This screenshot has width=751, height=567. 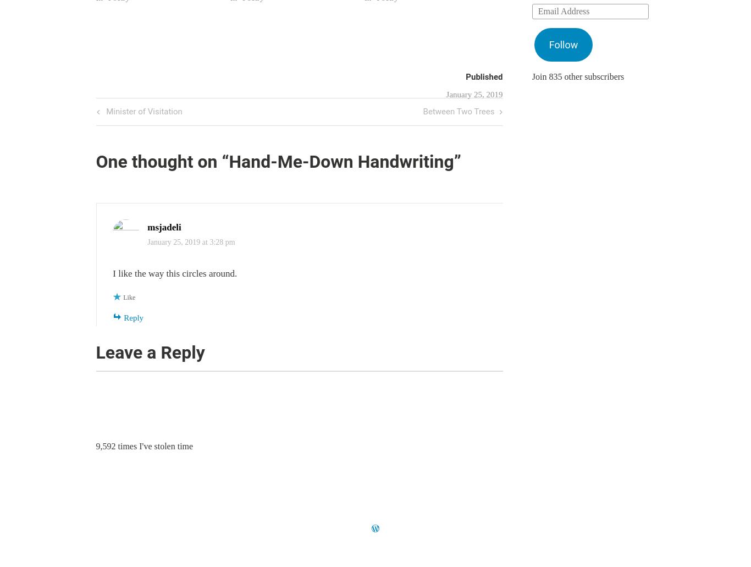 I want to click on 'I like the way this circles around.', so click(x=175, y=273).